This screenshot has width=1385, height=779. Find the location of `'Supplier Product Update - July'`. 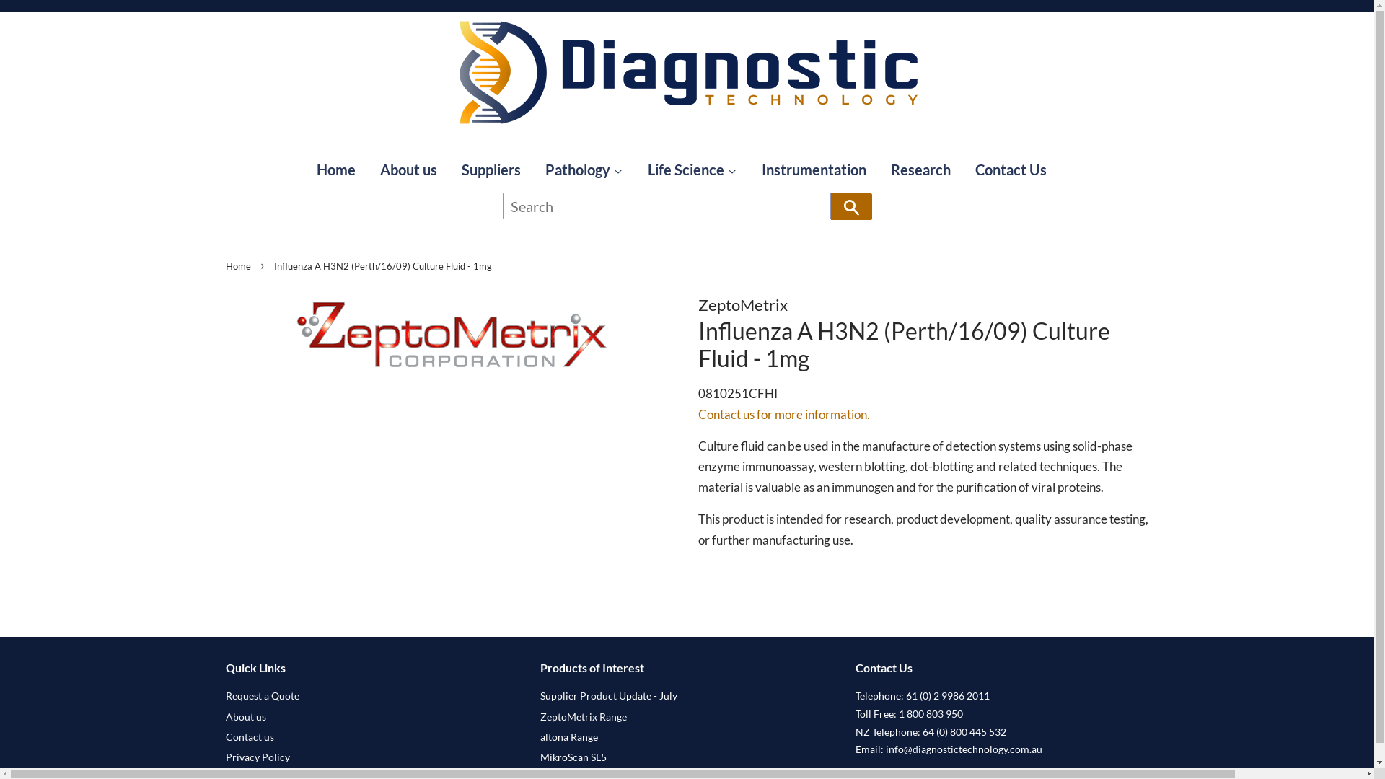

'Supplier Product Update - July' is located at coordinates (609, 695).